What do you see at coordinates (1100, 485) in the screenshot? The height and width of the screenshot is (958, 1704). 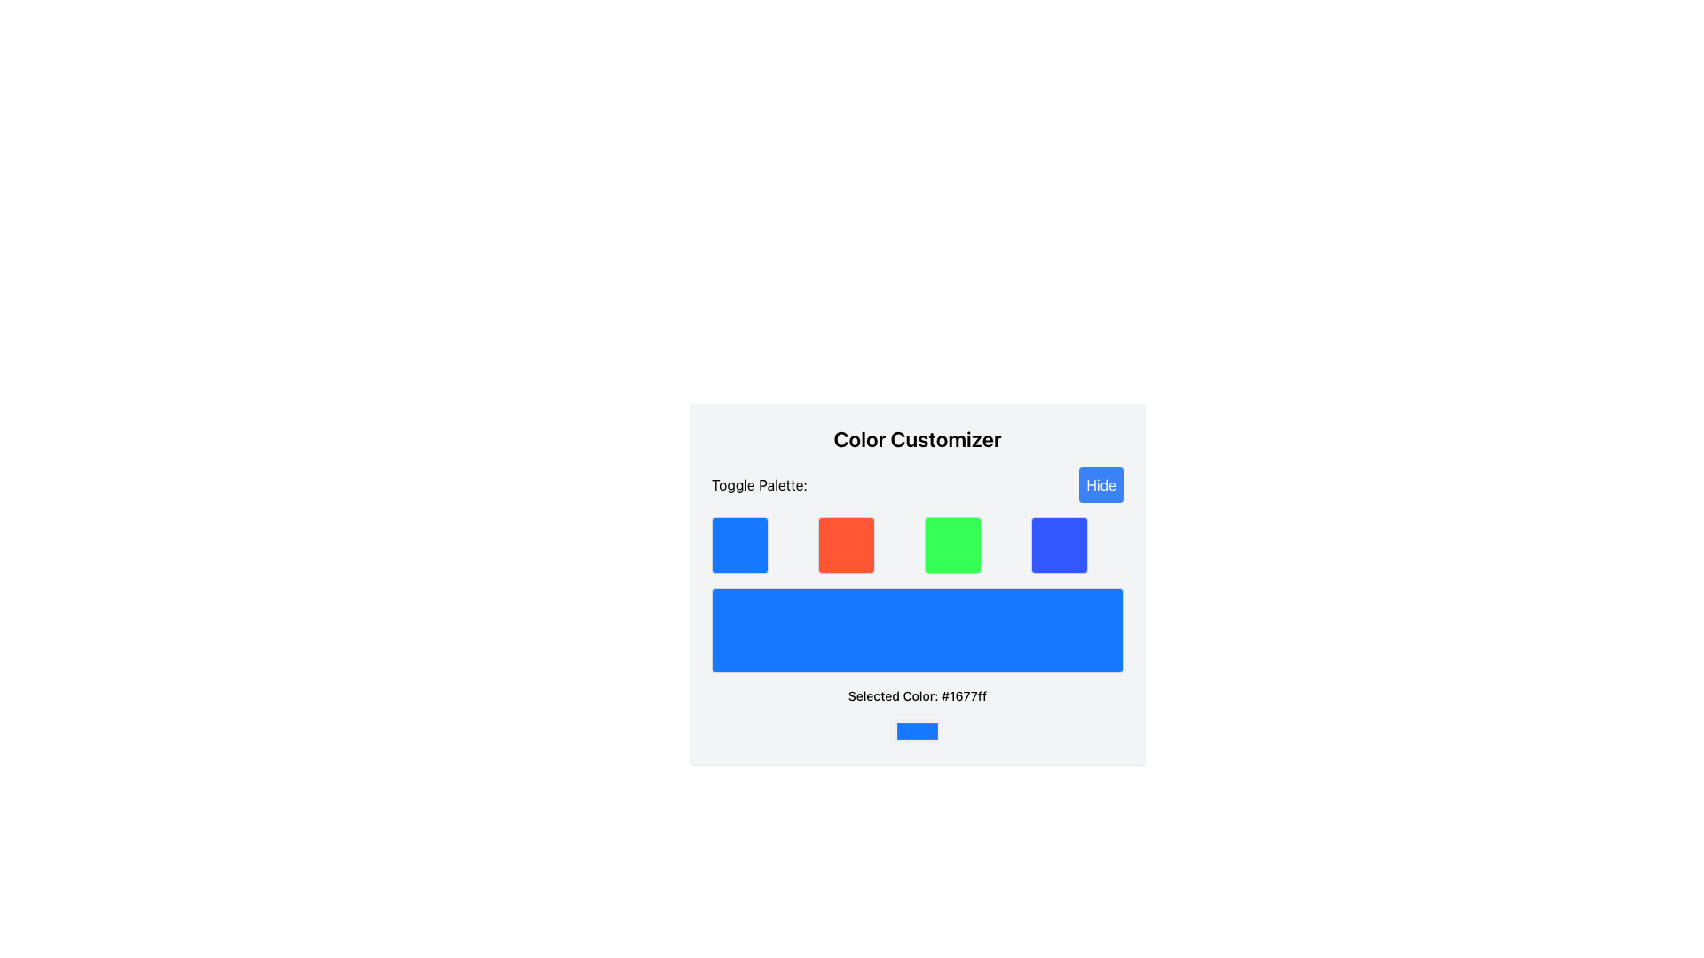 I see `the rectangular button with rounded corners that has a blue background and white text reading 'Hide'` at bounding box center [1100, 485].